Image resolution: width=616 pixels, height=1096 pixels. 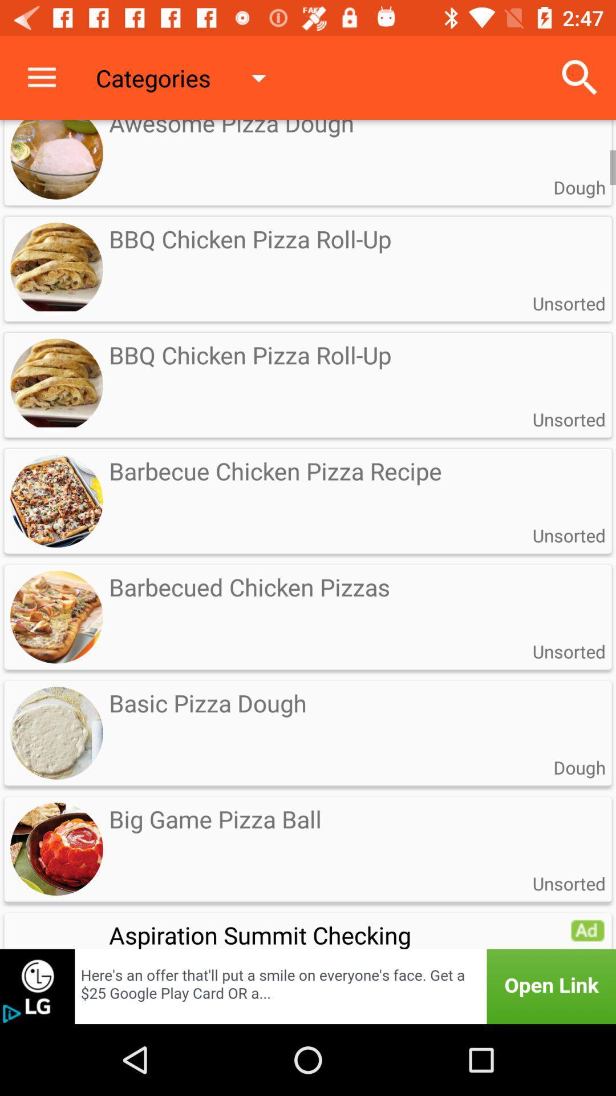 What do you see at coordinates (587, 930) in the screenshot?
I see `advertisement` at bounding box center [587, 930].